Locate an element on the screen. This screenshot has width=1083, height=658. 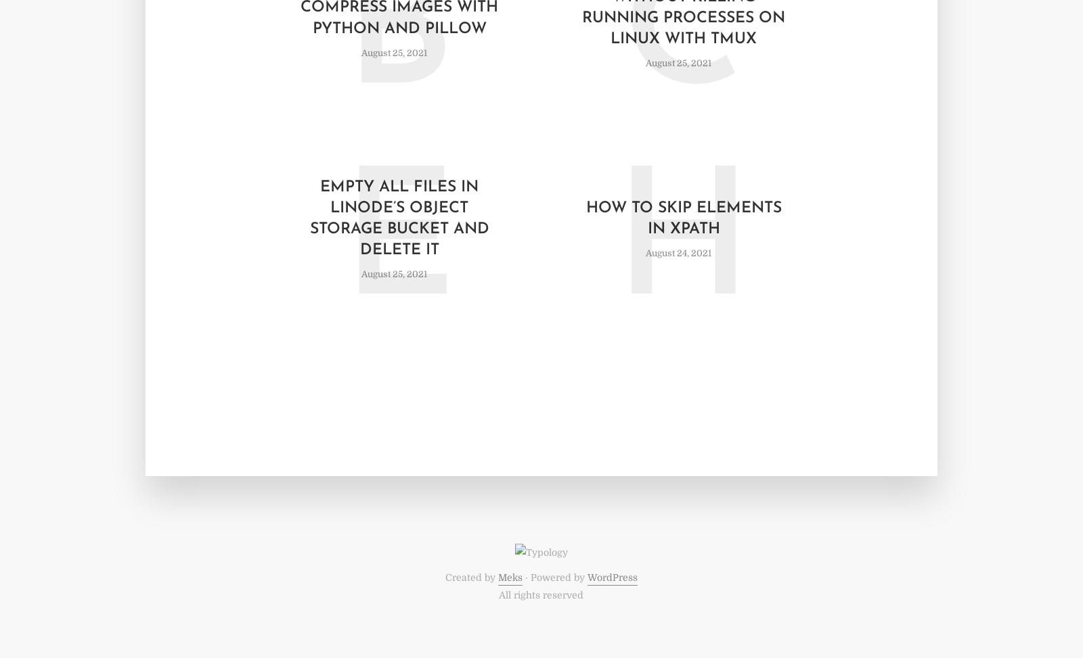
'H' is located at coordinates (613, 248).